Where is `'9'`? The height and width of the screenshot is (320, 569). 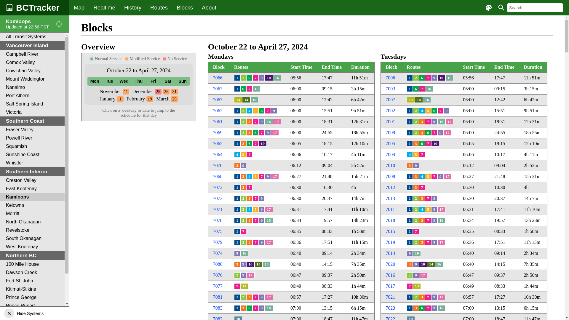 '9' is located at coordinates (434, 242).